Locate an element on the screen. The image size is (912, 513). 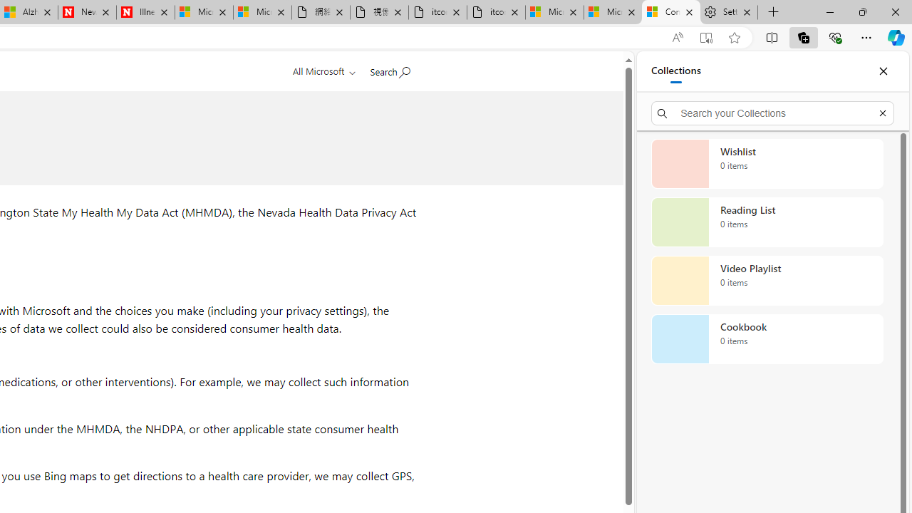
'itconcepthk.com/projector_solutions.mp4' is located at coordinates (496, 12).